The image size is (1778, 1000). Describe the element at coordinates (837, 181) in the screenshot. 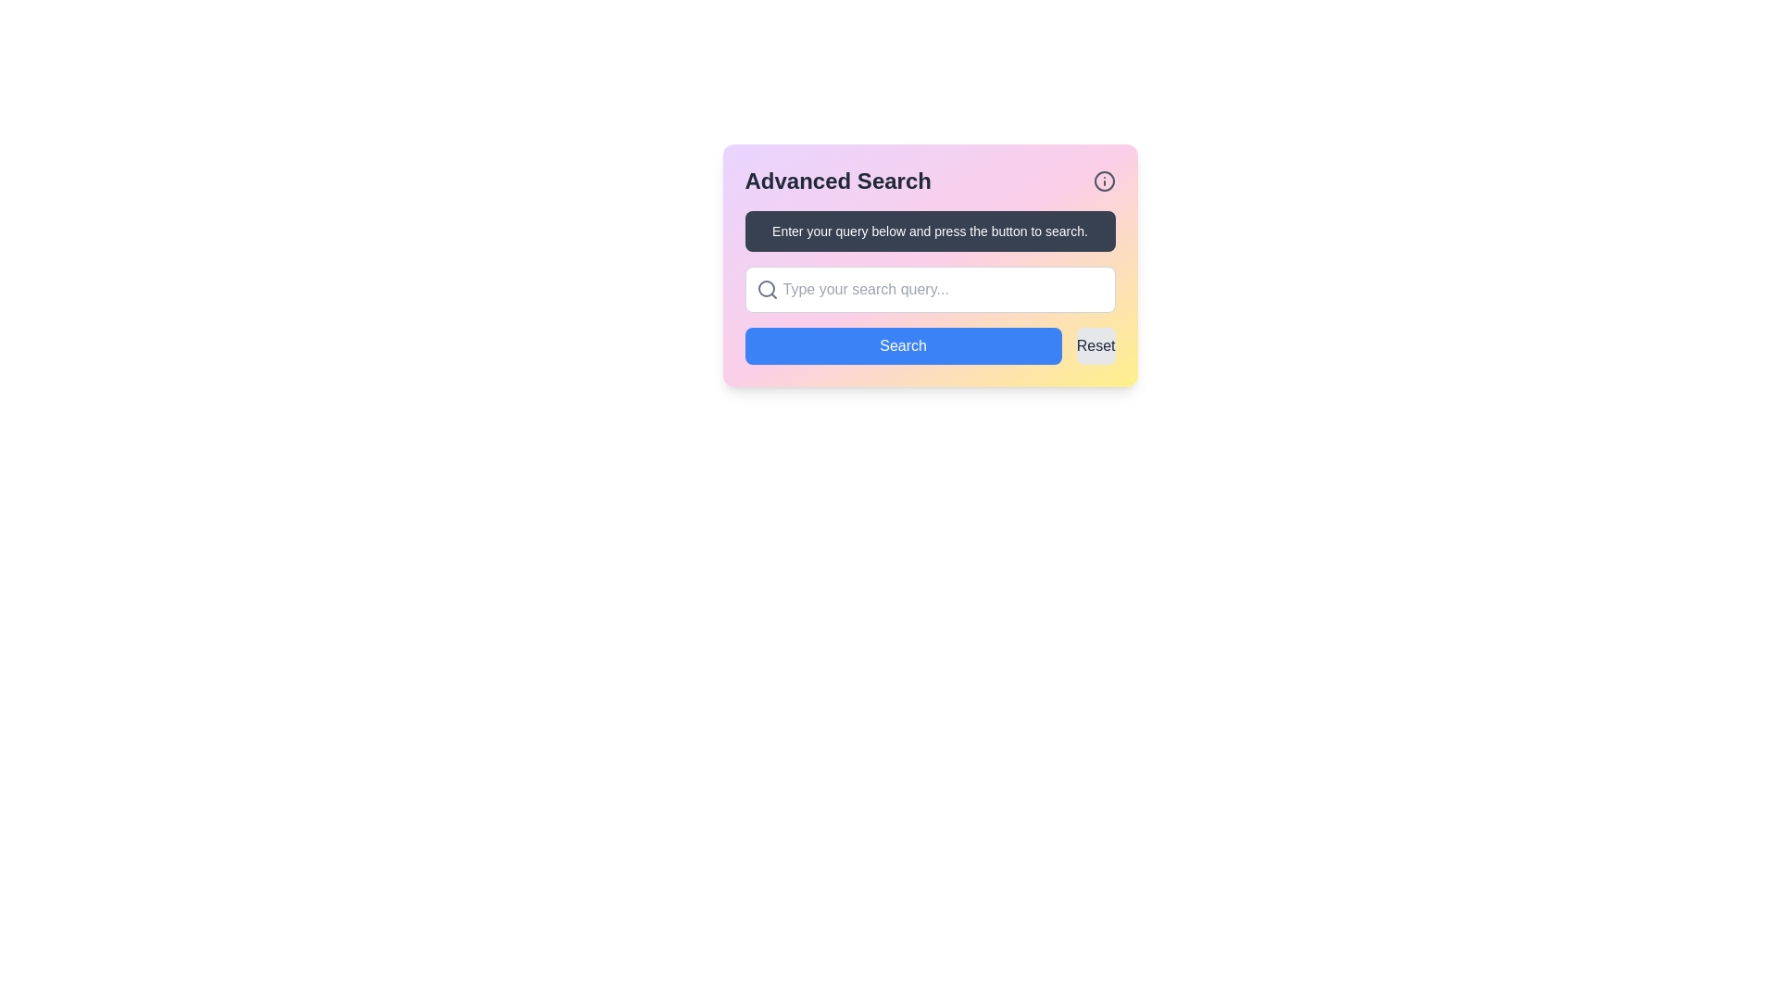

I see `the Text Label located at the left-center of the topmost section of the dialog box, which serves as a header or title for the section` at that location.